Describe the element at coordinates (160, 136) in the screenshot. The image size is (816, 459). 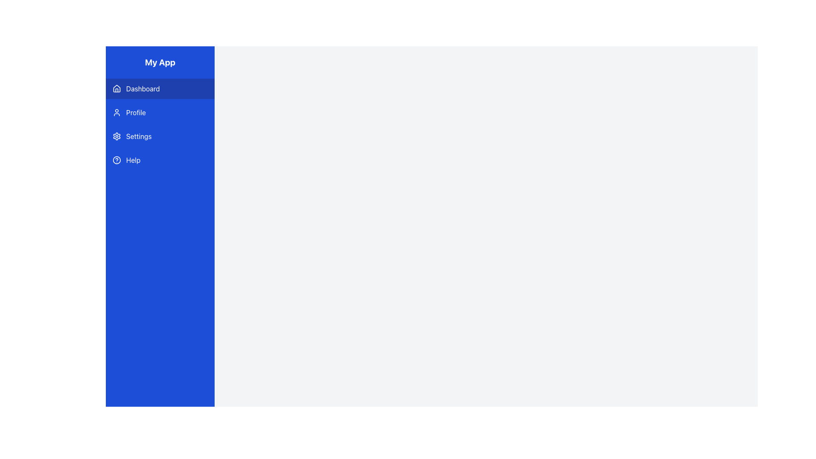
I see `the 'Settings' button located in the sidebar titled 'My App', which is the third menu item below 'Profile' and above 'Help', to change its background color` at that location.